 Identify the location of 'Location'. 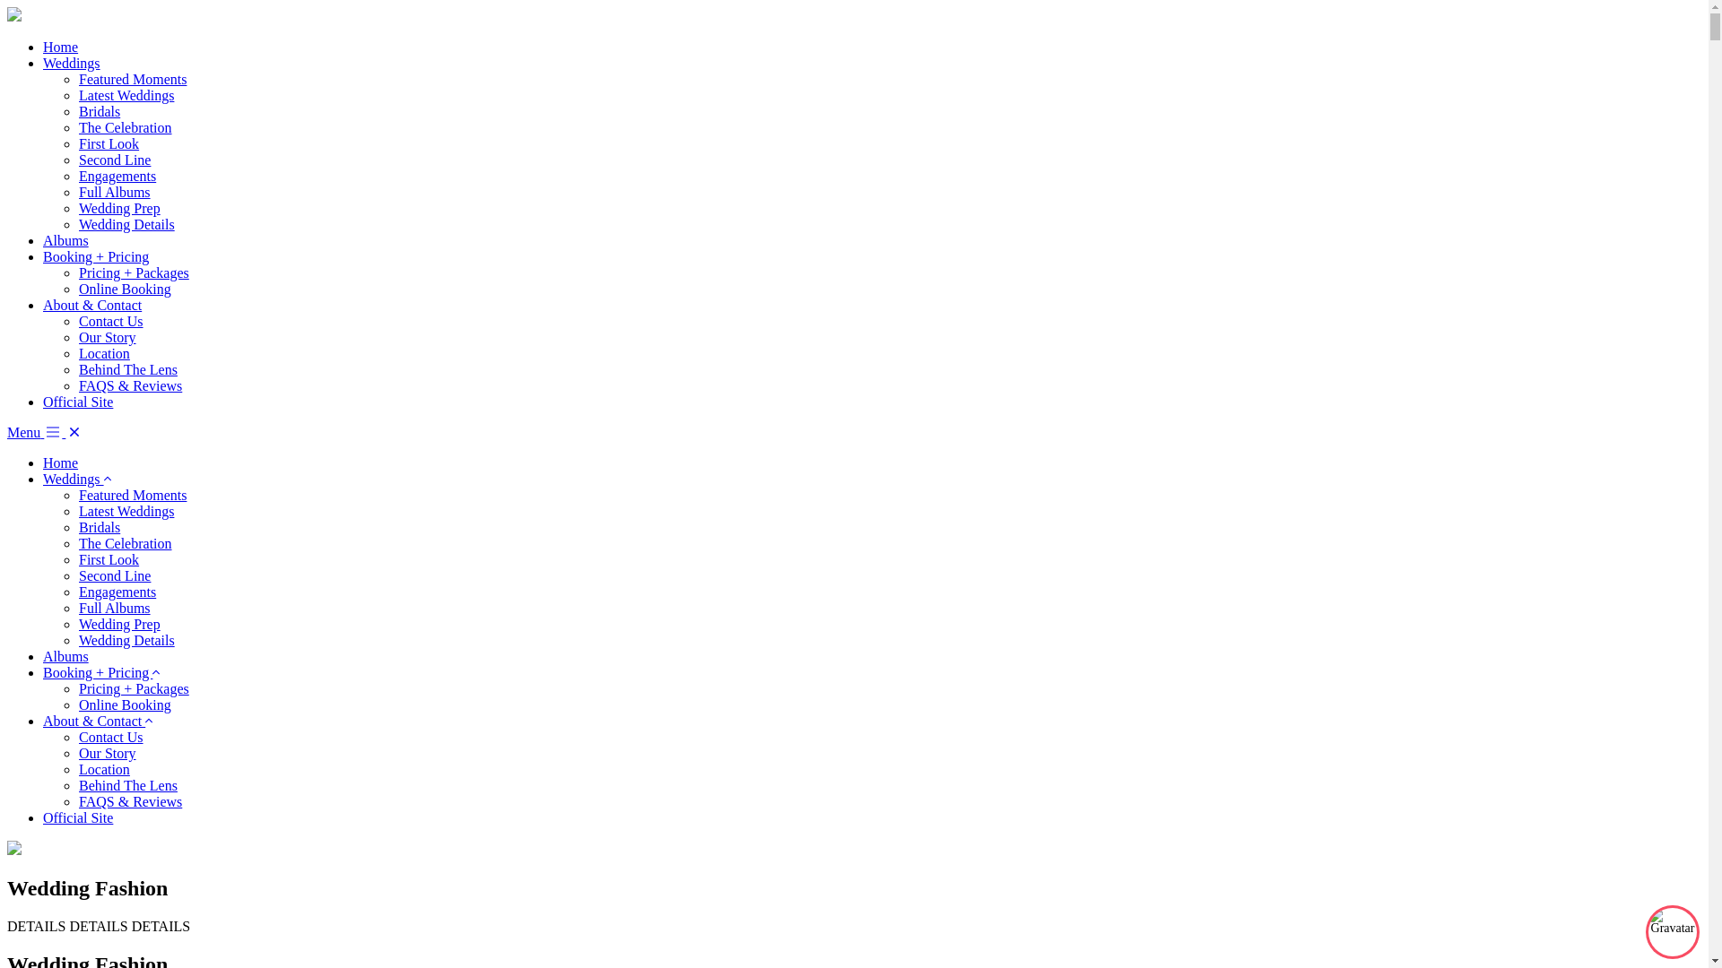
(103, 768).